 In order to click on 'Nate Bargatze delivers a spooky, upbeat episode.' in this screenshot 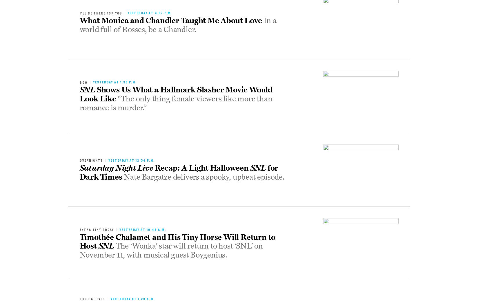, I will do `click(204, 177)`.